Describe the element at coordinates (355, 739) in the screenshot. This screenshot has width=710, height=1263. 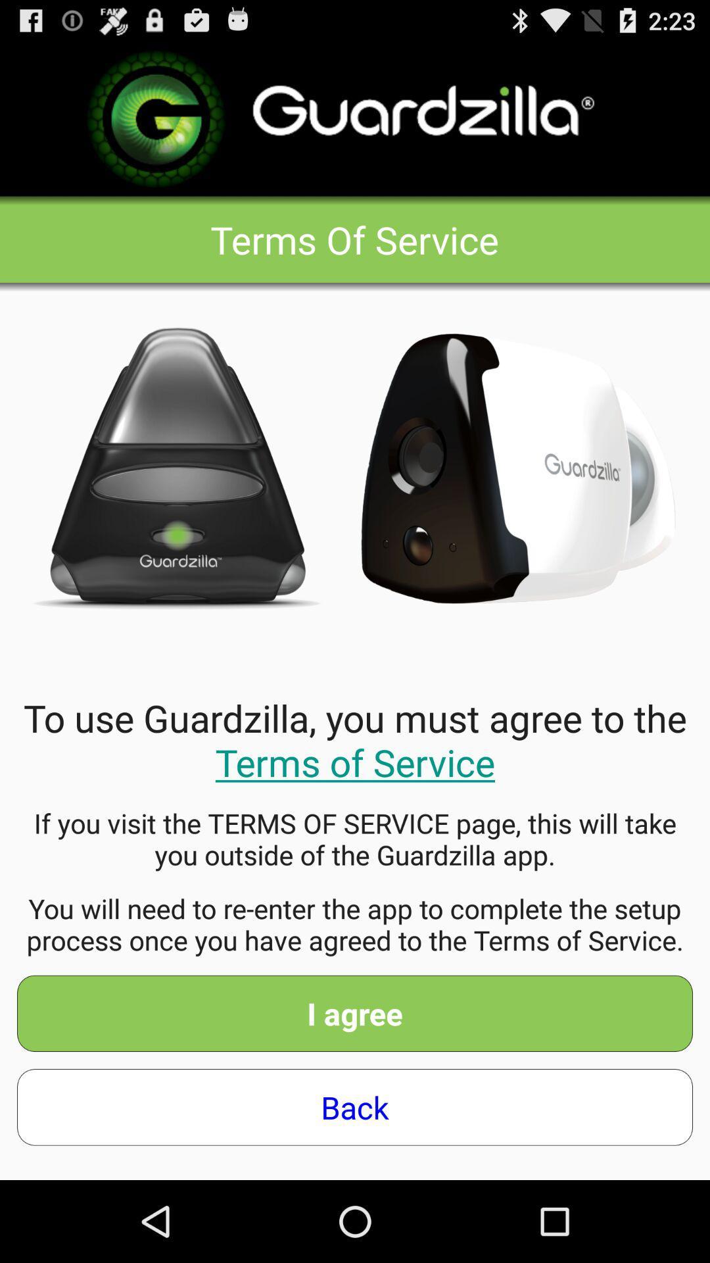
I see `to use guardzilla item` at that location.